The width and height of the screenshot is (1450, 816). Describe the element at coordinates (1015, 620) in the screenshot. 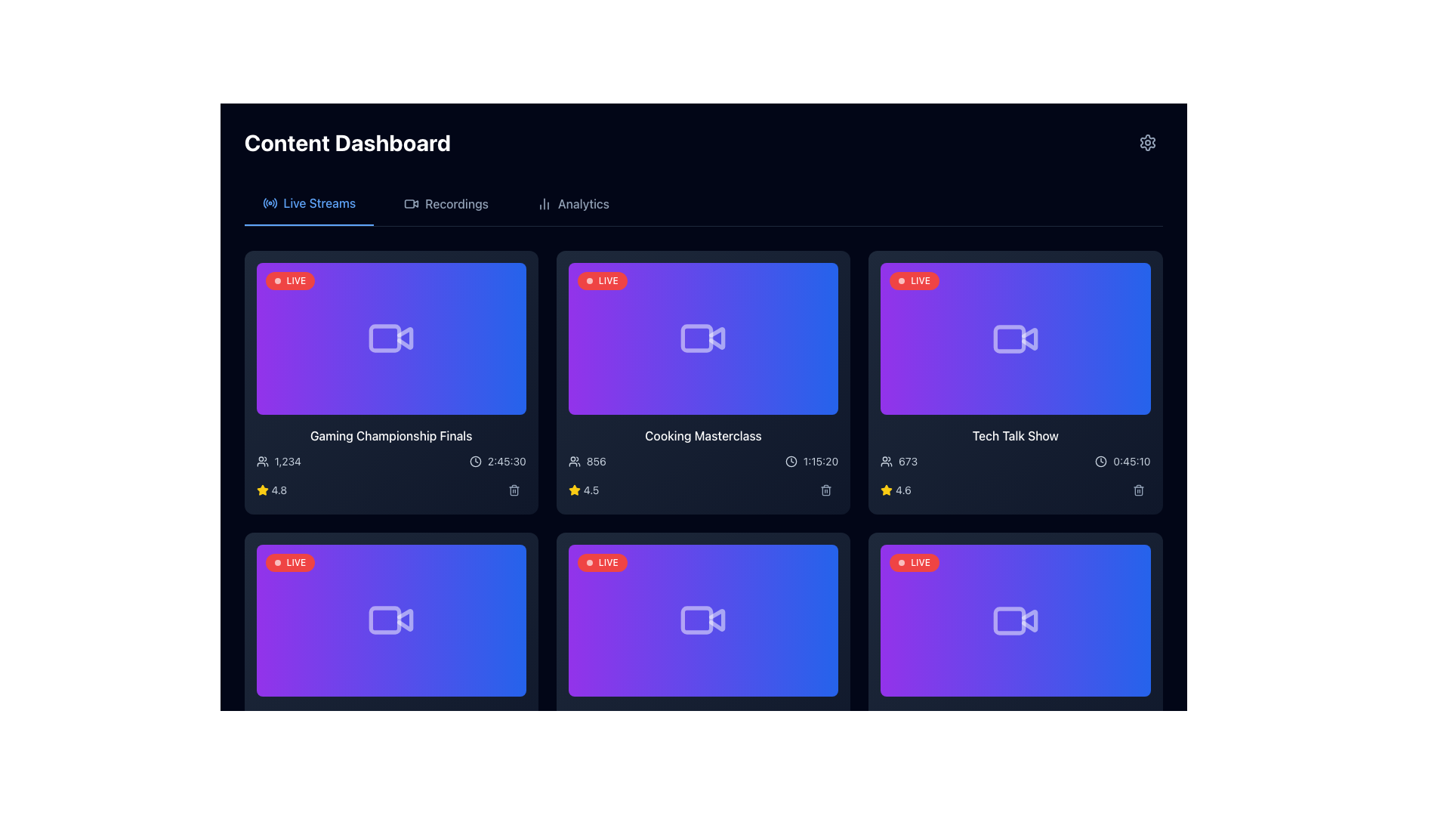

I see `the video content icon located in the bottom-right corner of the 'LIVE' section, which signifies recording for the 'Tech Talk Show'` at that location.